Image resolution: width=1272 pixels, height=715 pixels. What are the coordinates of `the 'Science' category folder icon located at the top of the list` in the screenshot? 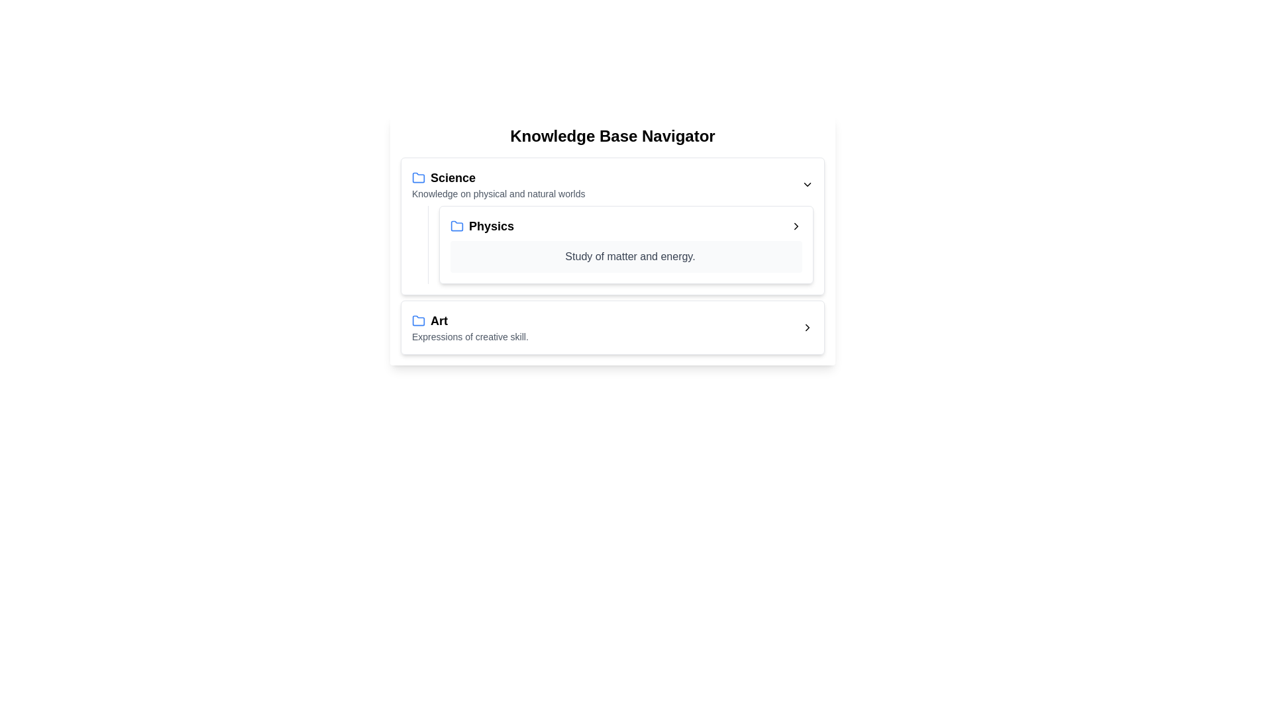 It's located at (418, 176).